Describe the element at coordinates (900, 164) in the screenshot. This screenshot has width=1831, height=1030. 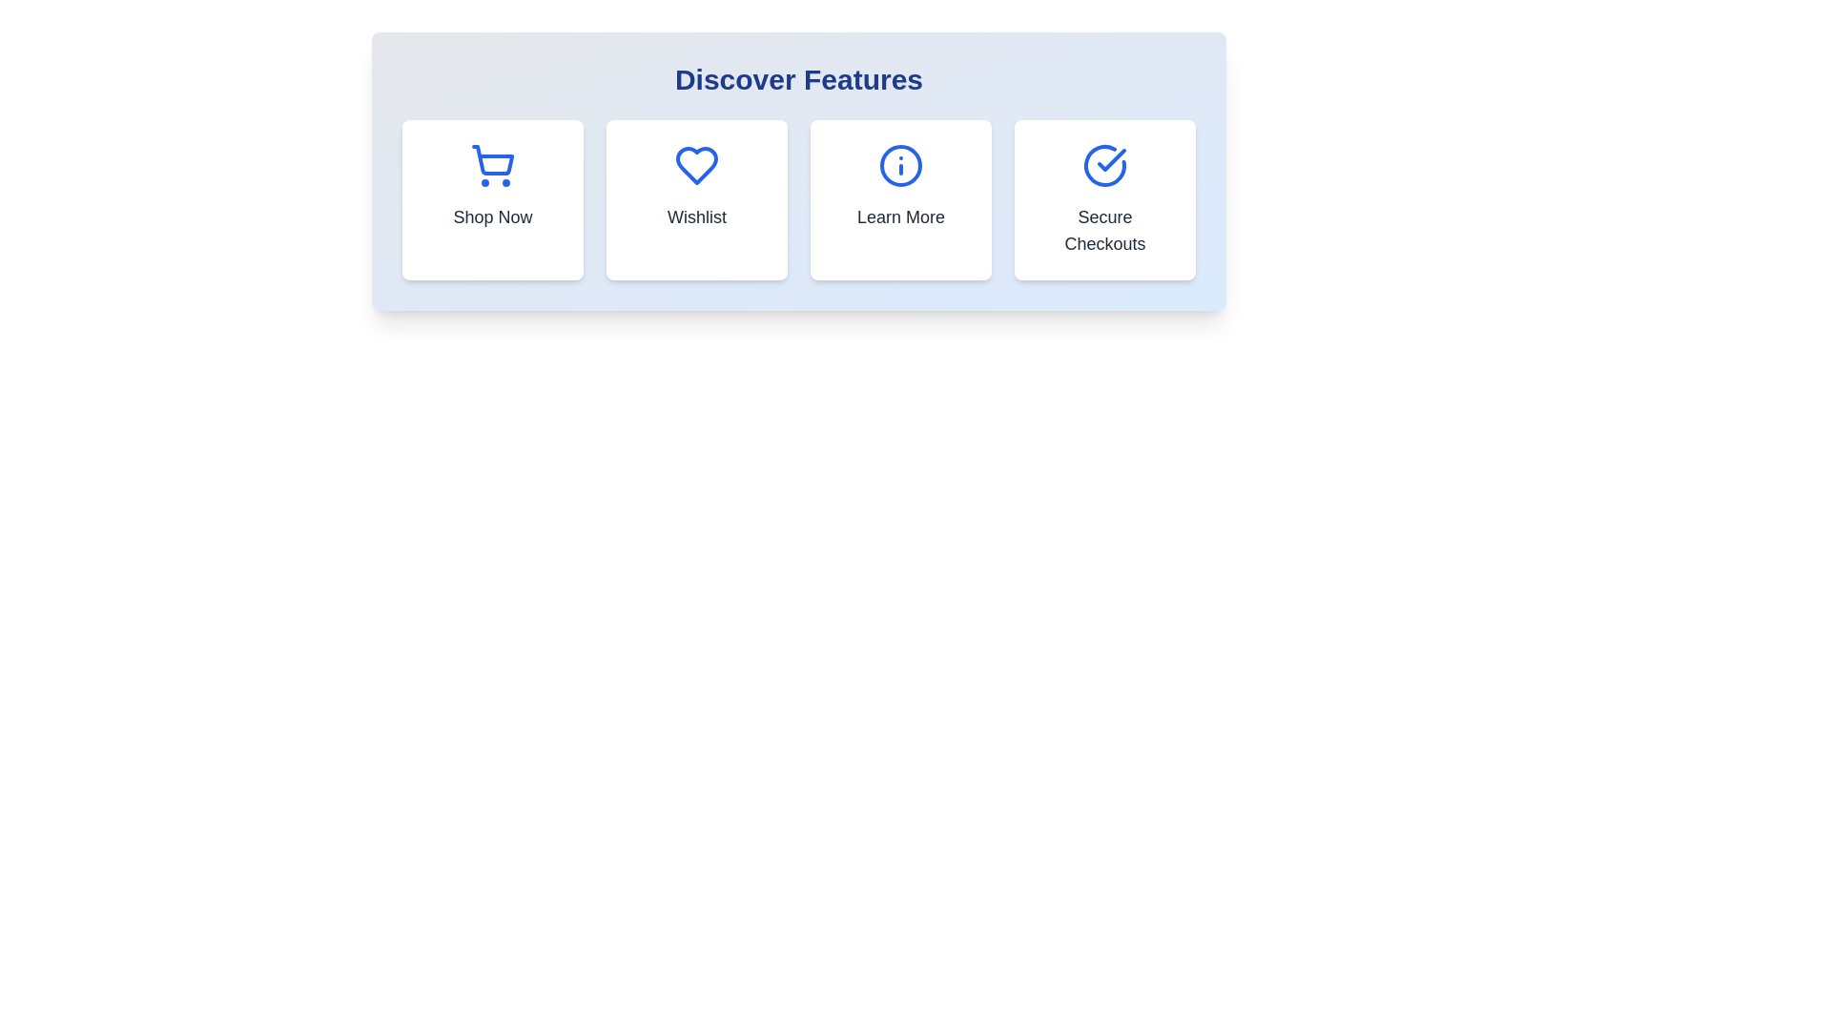
I see `the 'Learn More' icon, which is the third item in a row of four cards under the 'Discover Features' section, visually indicated with rounded corners and a white background` at that location.